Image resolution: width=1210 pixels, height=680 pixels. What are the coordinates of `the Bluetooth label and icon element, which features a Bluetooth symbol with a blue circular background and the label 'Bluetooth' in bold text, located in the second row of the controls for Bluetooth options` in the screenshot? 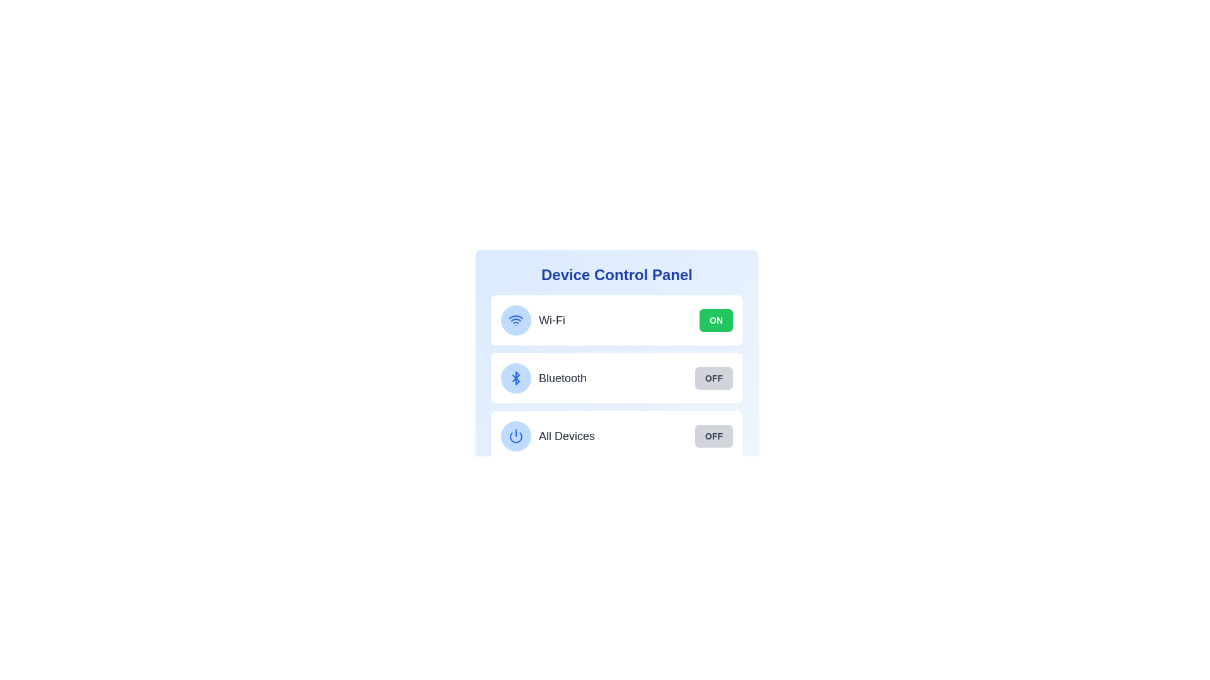 It's located at (544, 378).